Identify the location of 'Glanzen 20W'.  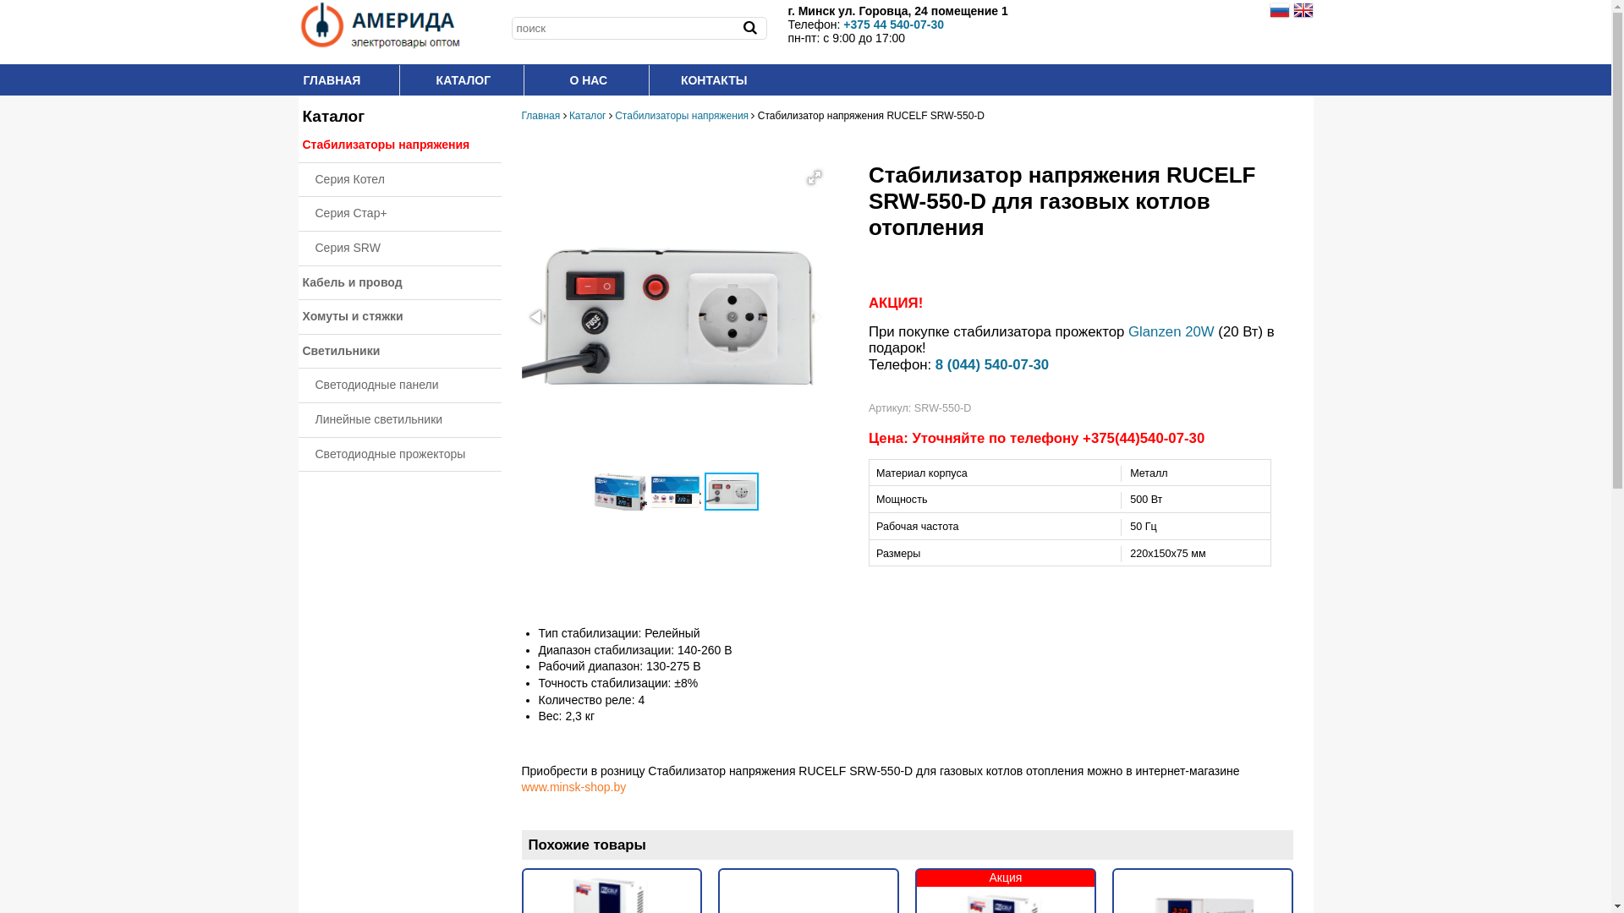
(1171, 331).